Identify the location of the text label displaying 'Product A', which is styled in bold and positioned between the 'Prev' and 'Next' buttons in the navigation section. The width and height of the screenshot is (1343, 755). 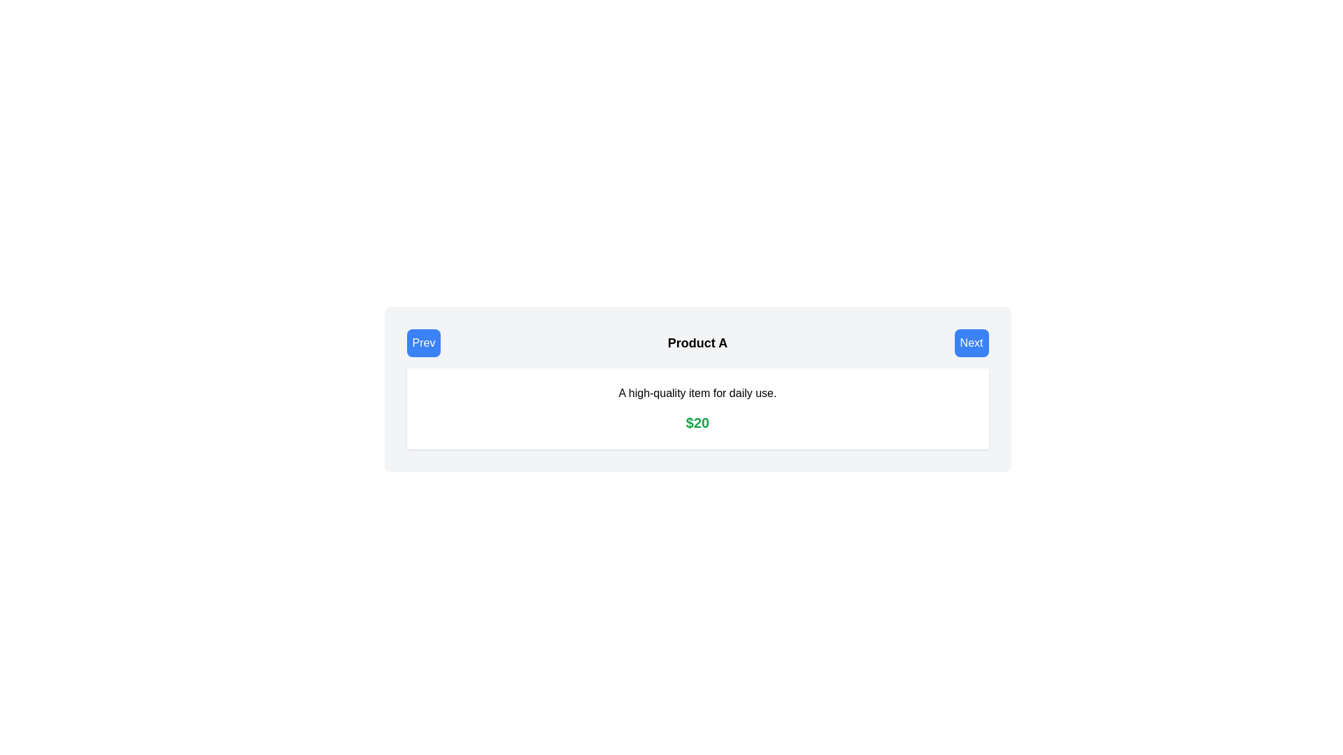
(697, 343).